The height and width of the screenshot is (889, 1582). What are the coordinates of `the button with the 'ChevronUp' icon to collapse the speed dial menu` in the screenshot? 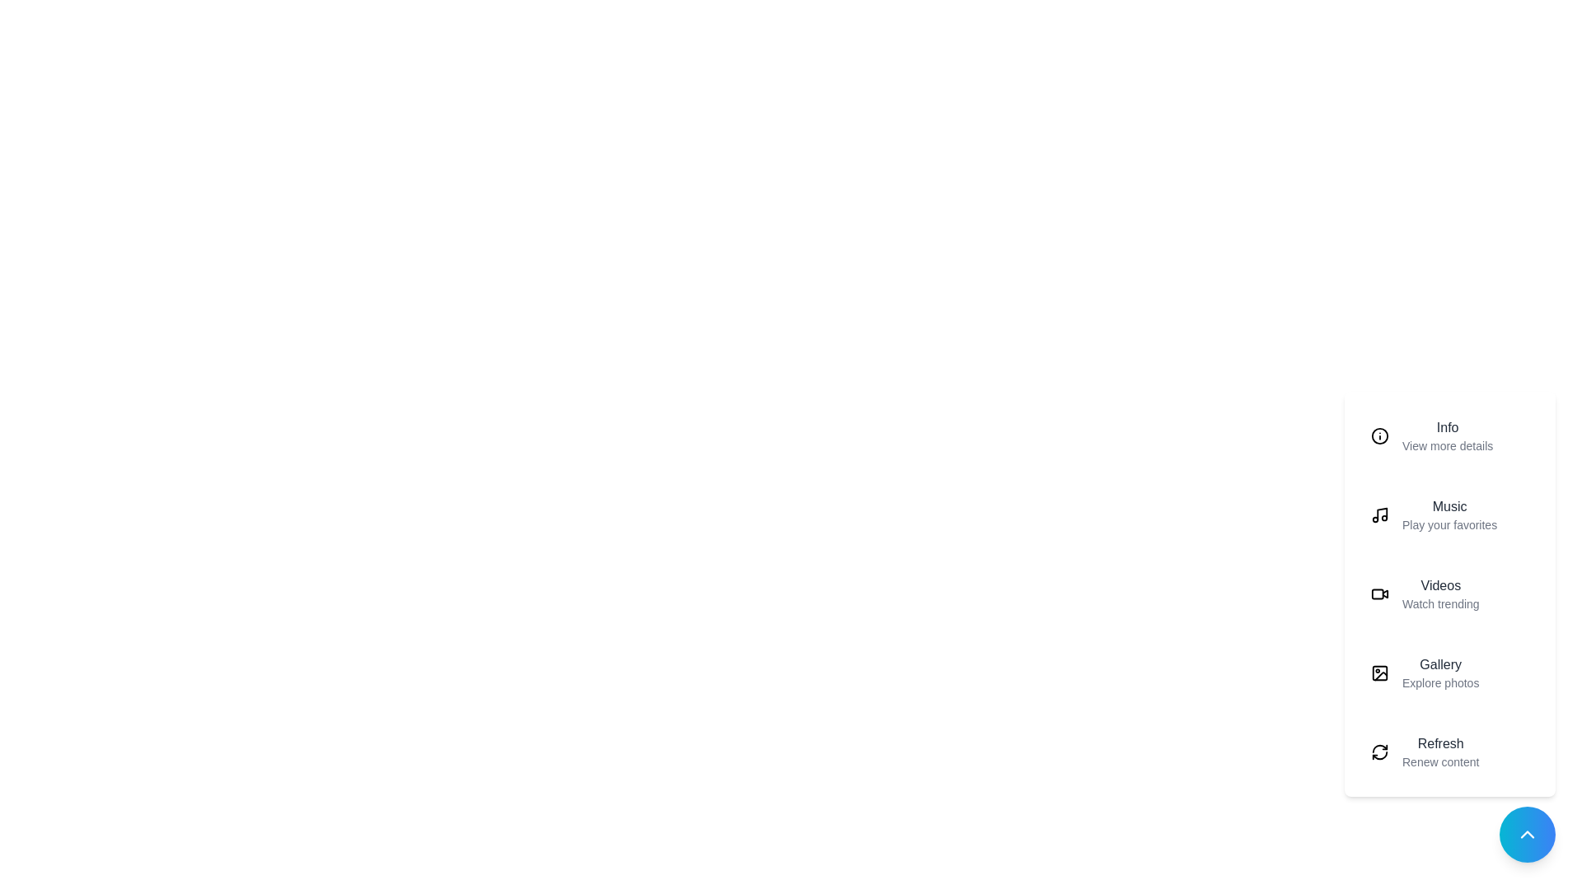 It's located at (1526, 835).